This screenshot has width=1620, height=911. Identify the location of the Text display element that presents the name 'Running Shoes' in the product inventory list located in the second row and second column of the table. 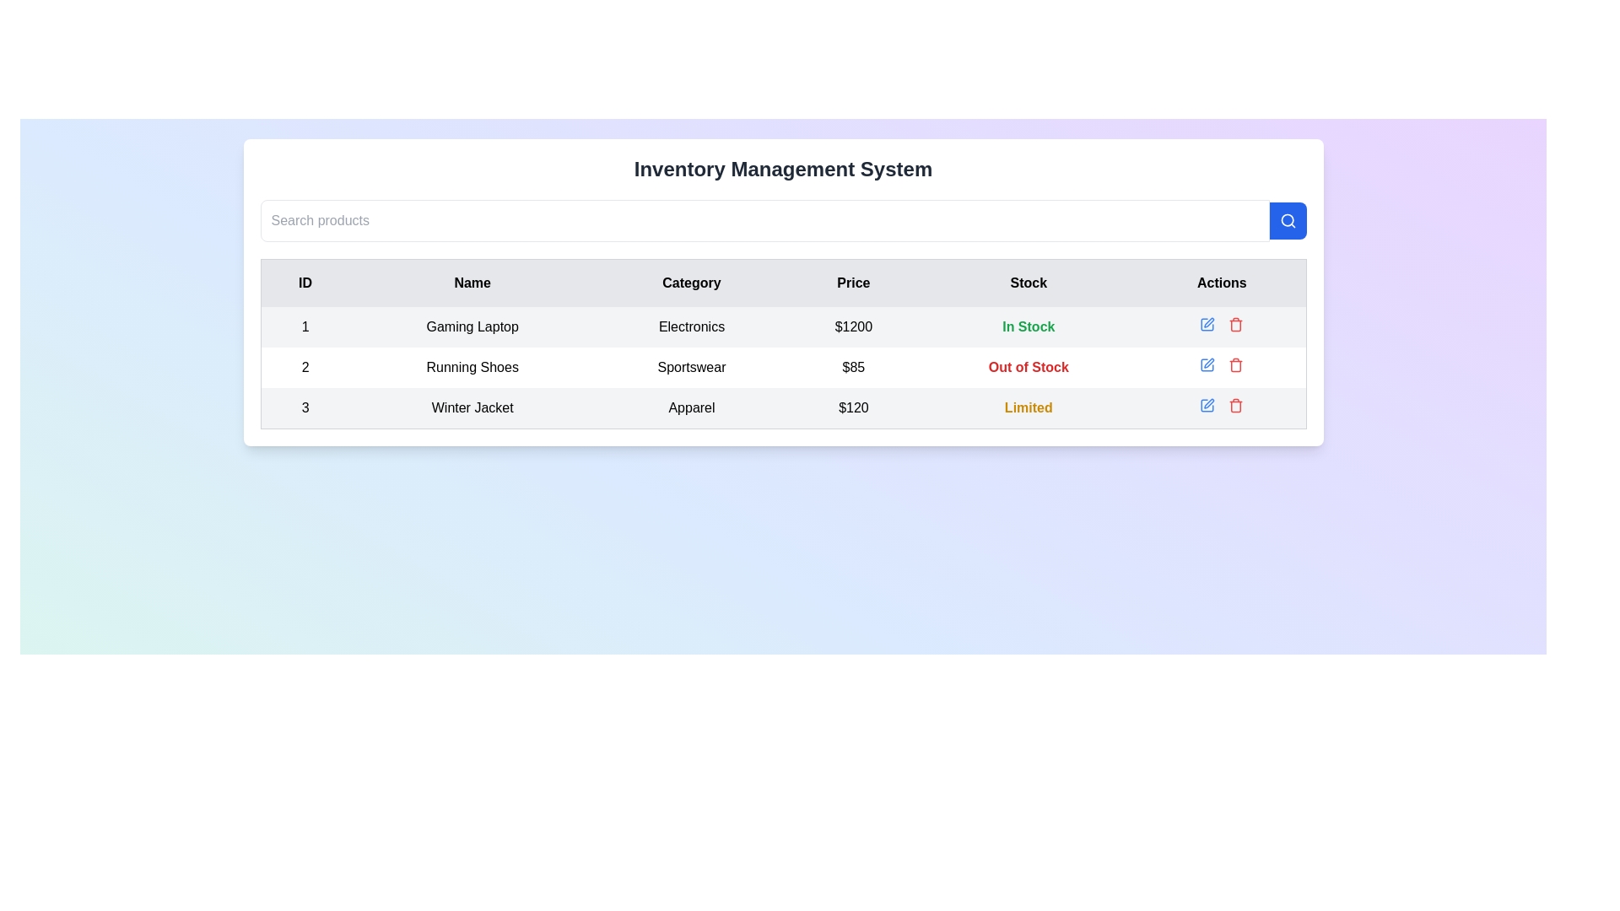
(472, 366).